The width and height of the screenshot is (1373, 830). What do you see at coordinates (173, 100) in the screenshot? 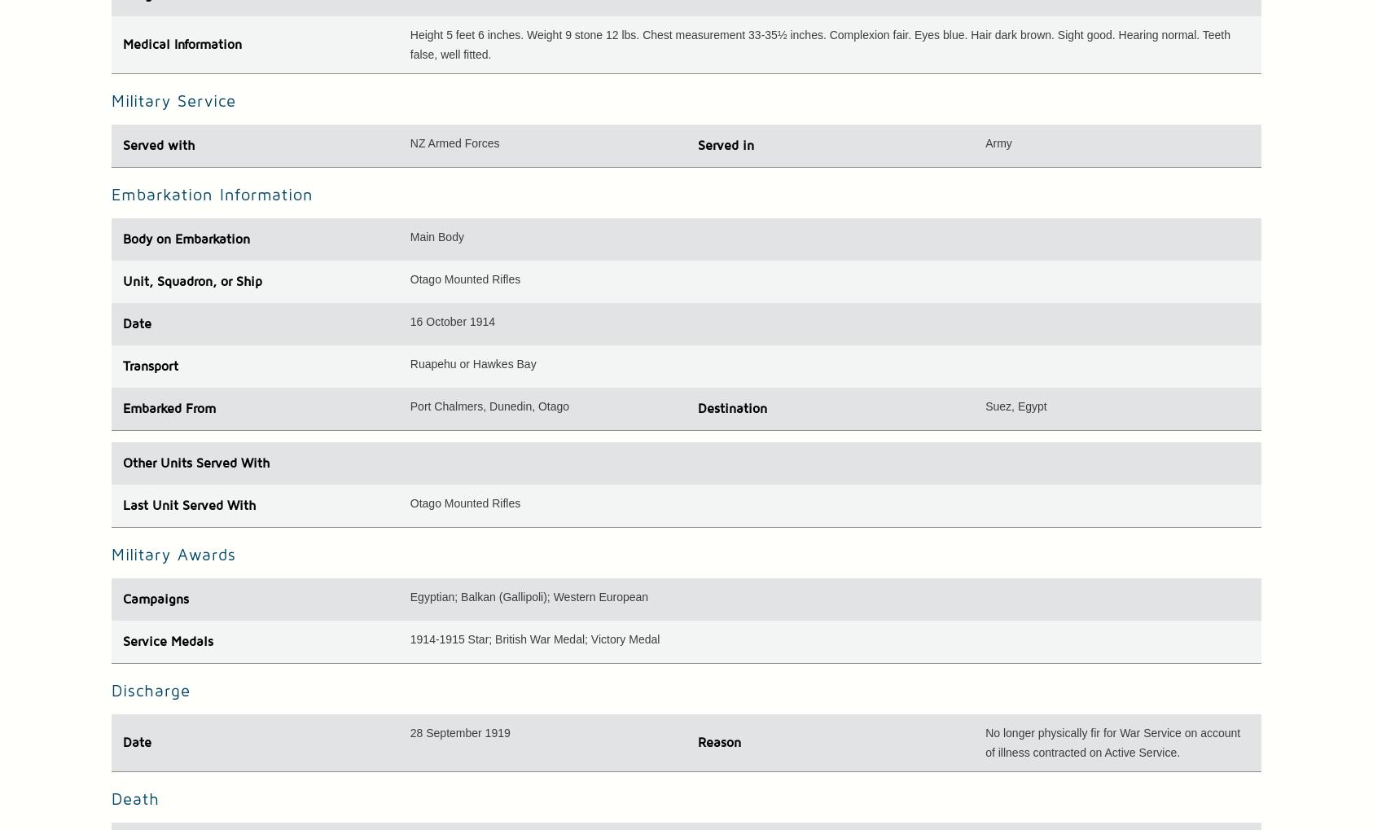
I see `'Military Service'` at bounding box center [173, 100].